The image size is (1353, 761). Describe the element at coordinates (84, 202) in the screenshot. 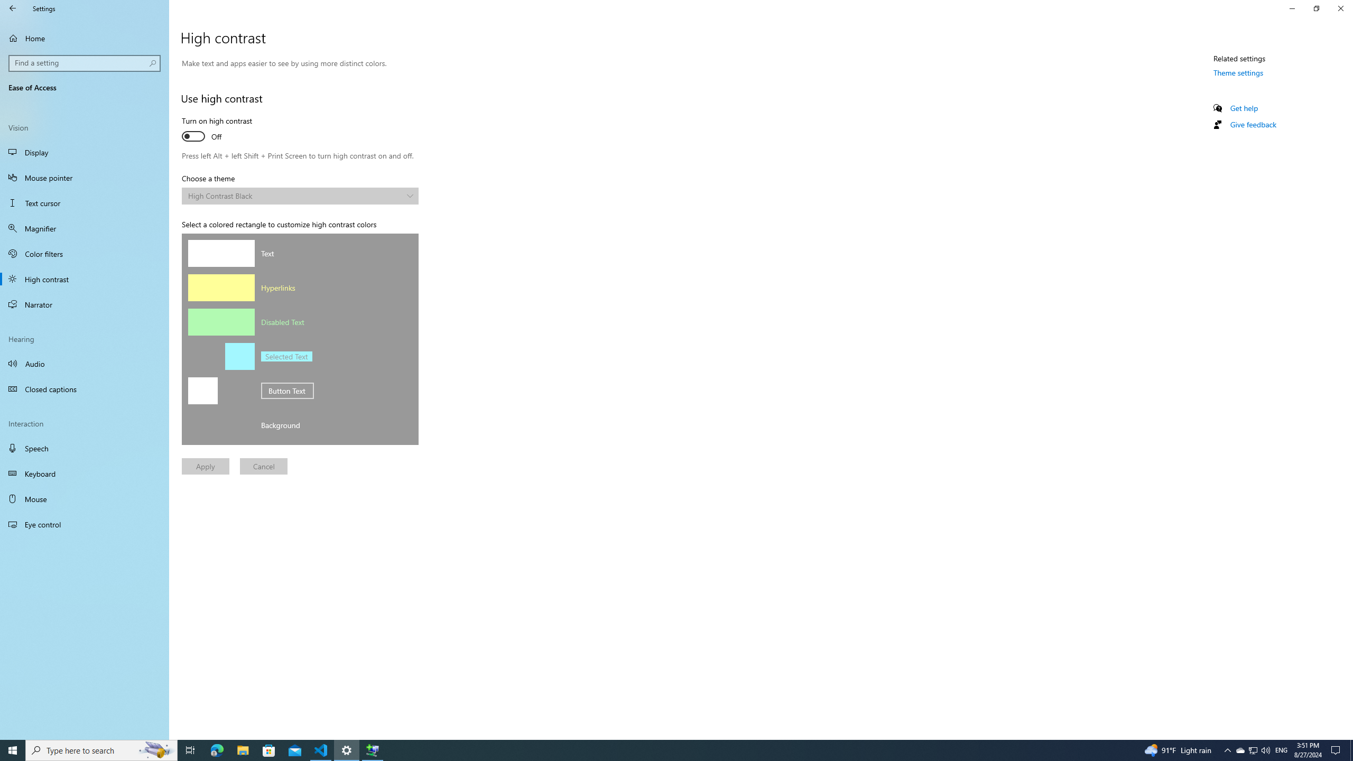

I see `'Text cursor'` at that location.